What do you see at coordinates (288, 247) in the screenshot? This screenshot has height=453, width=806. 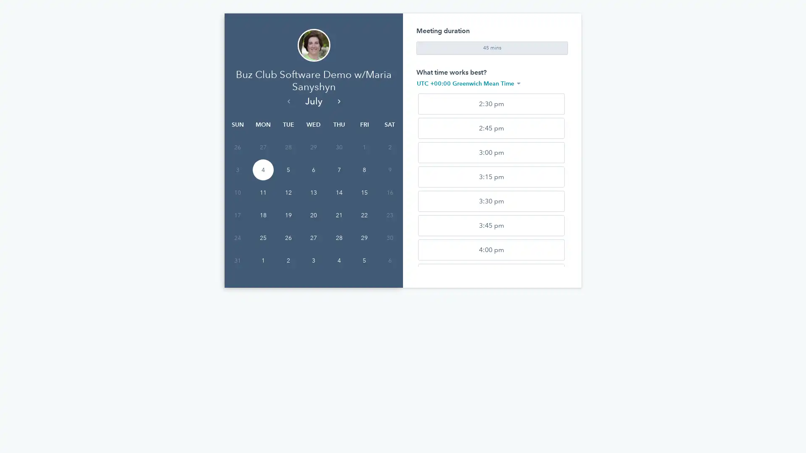 I see `July 19th` at bounding box center [288, 247].